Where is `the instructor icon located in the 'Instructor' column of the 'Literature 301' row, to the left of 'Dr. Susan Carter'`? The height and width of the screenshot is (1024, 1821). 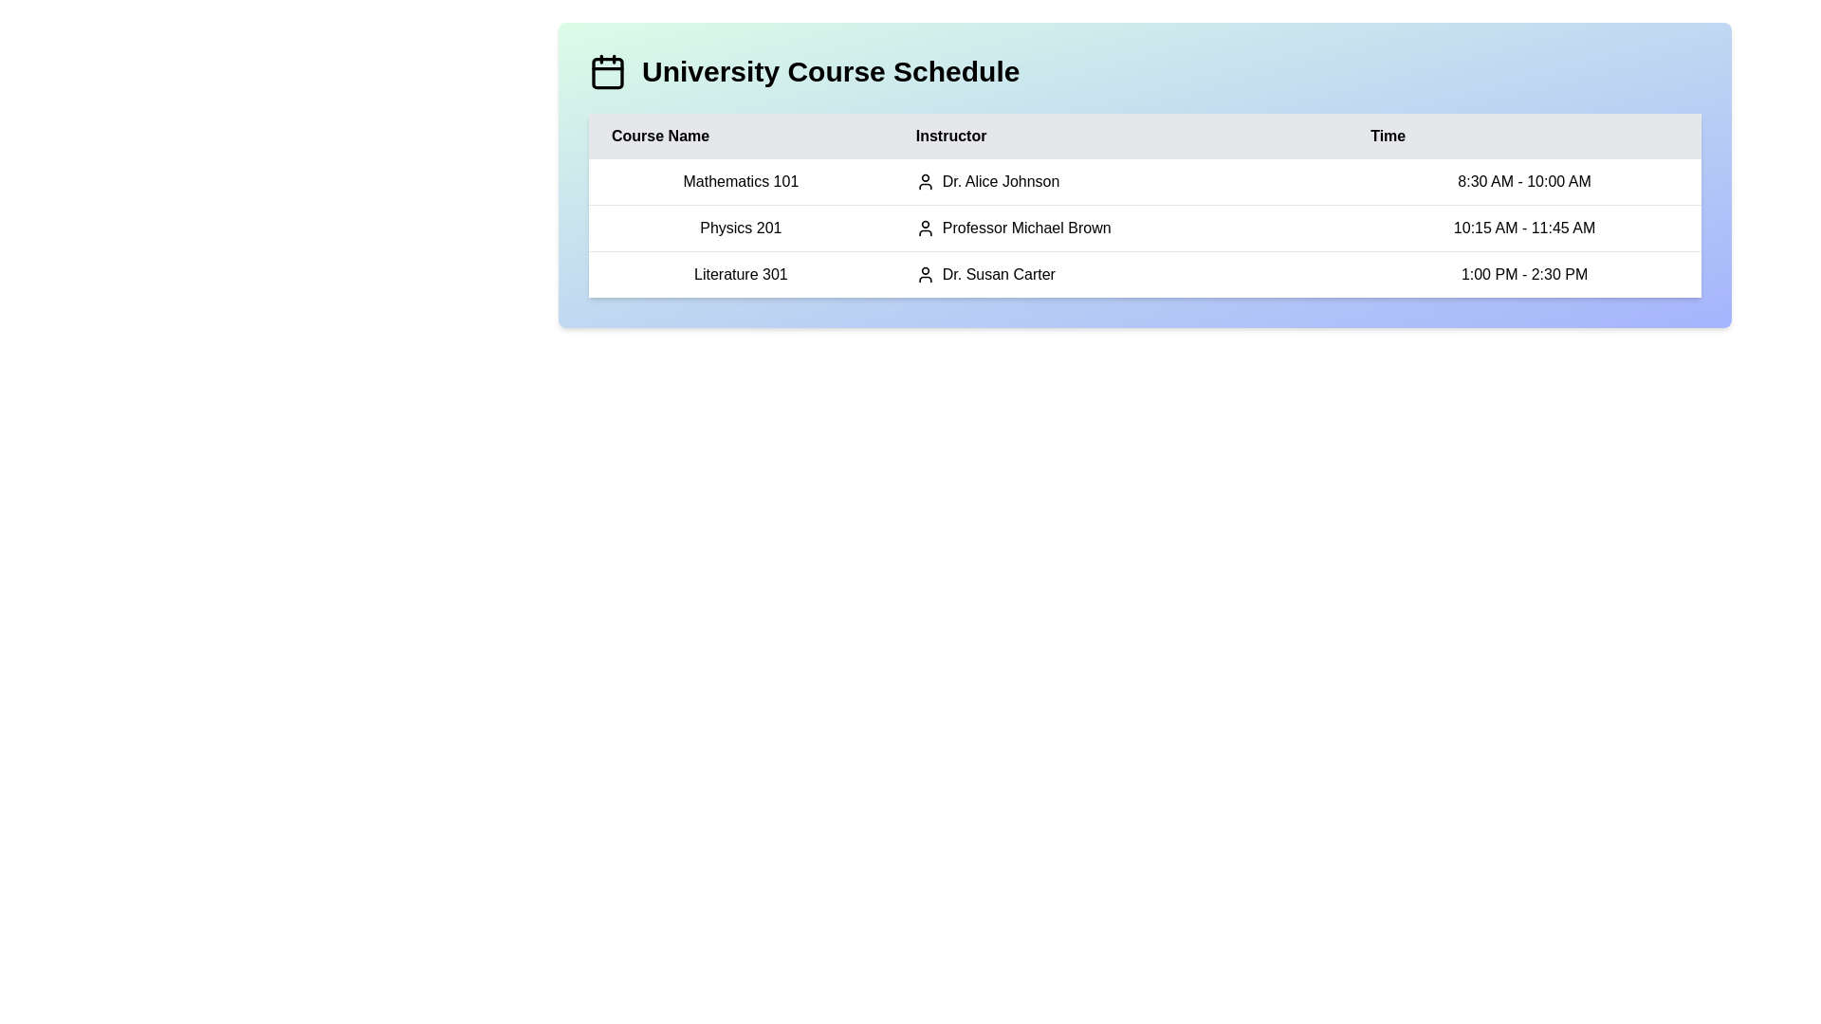
the instructor icon located in the 'Instructor' column of the 'Literature 301' row, to the left of 'Dr. Susan Carter' is located at coordinates (925, 274).